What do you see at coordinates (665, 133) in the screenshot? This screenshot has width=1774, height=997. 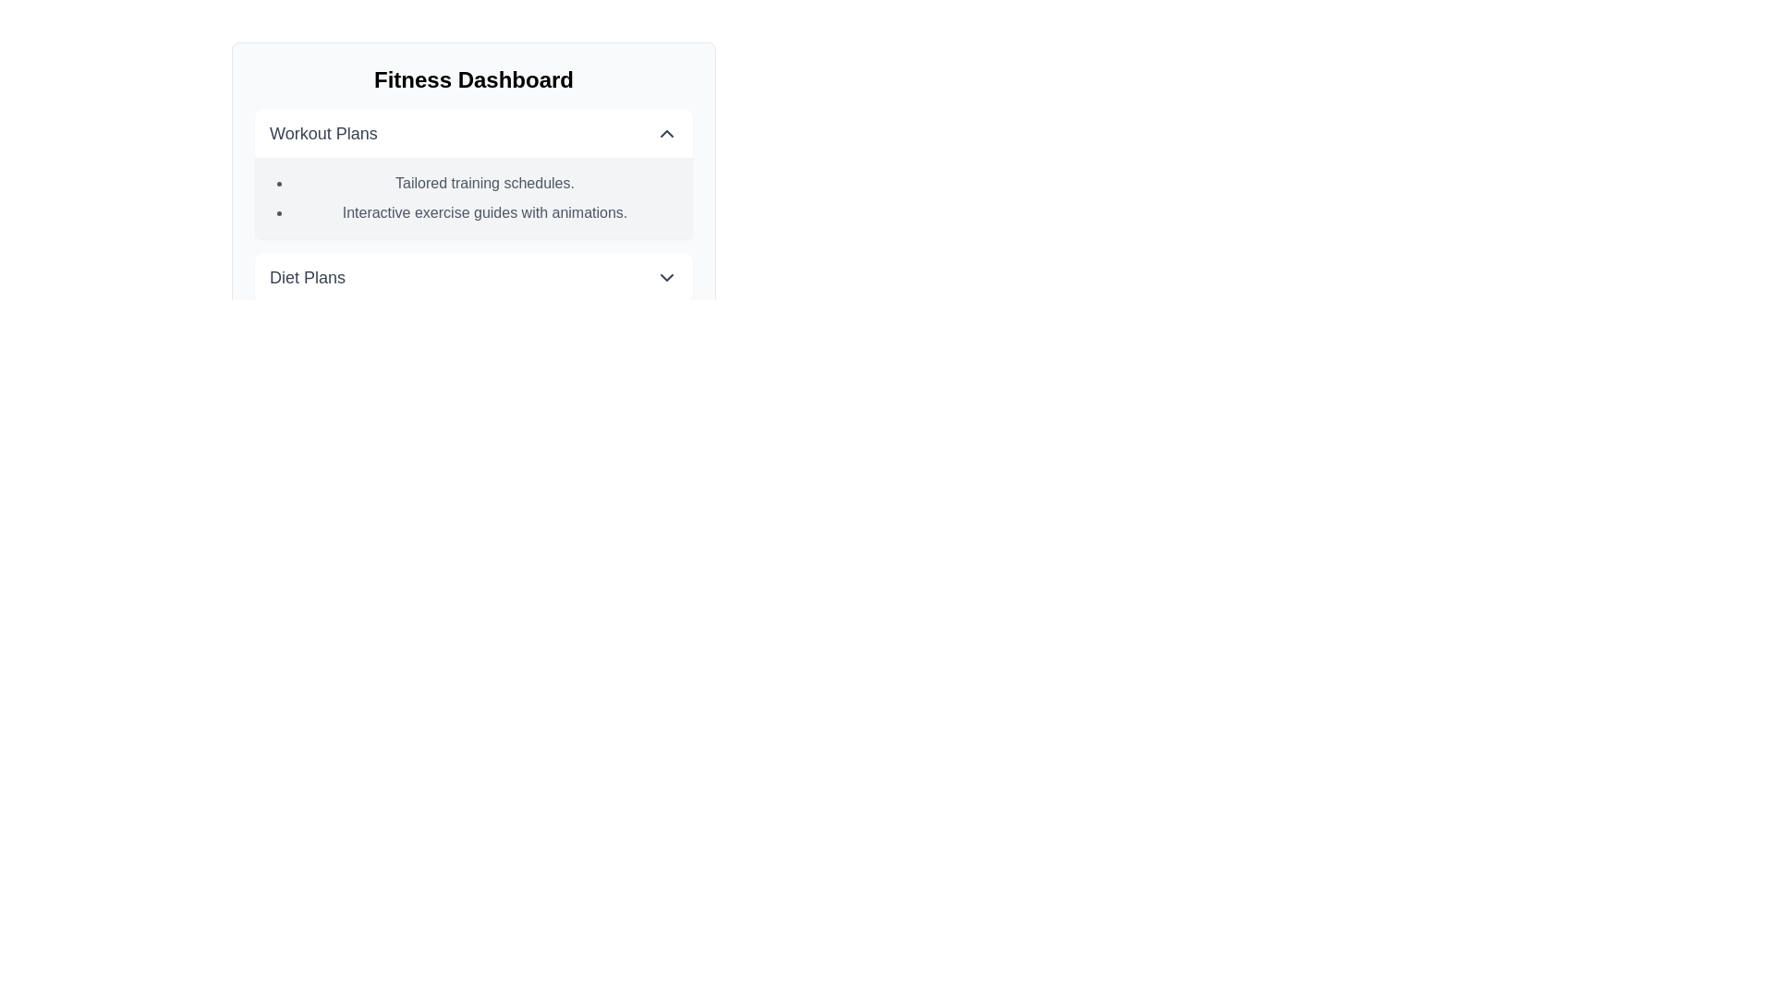 I see `the toggle icon in the 'Workout Plans' header section` at bounding box center [665, 133].